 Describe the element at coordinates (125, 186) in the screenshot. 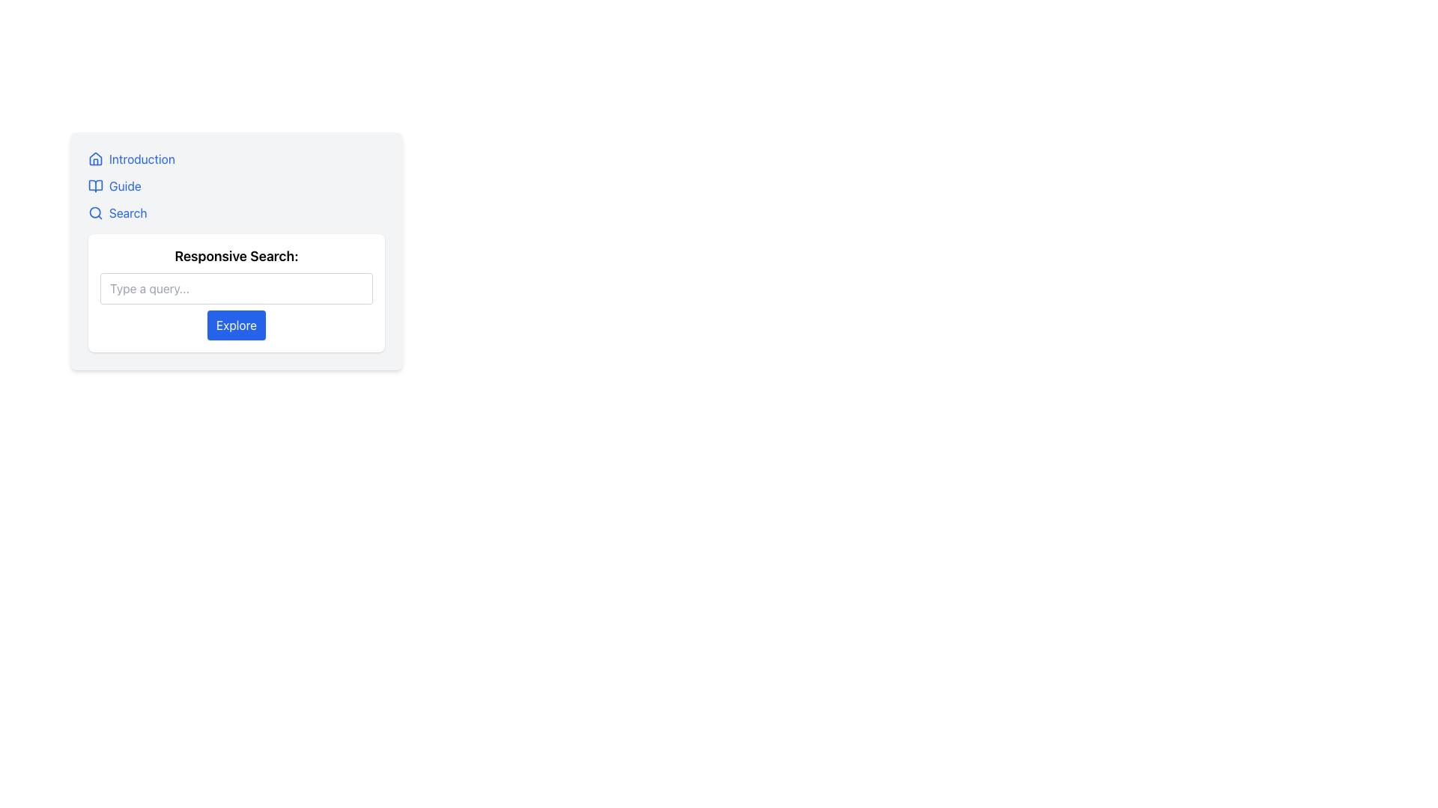

I see `the 'Guide' text link, which is styled in blue and positioned next to an open book icon` at that location.